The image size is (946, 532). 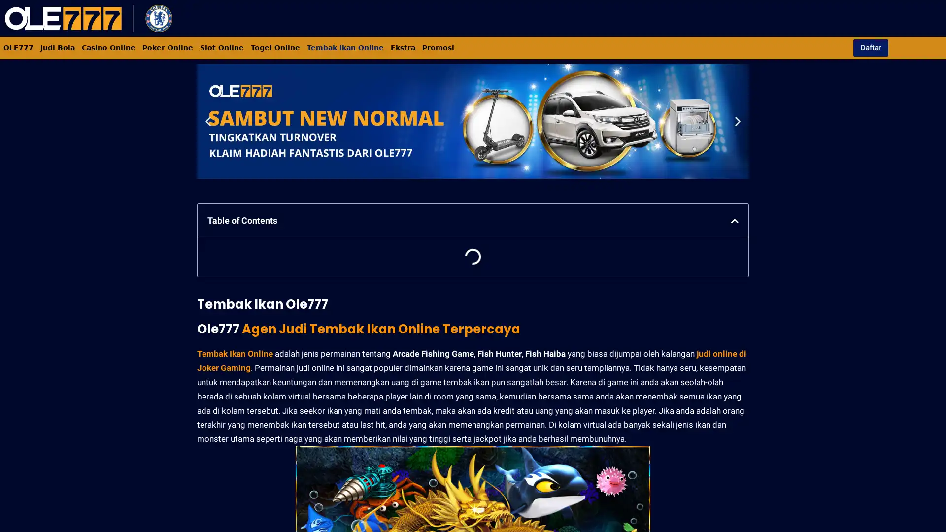 What do you see at coordinates (870, 47) in the screenshot?
I see `Daftar` at bounding box center [870, 47].